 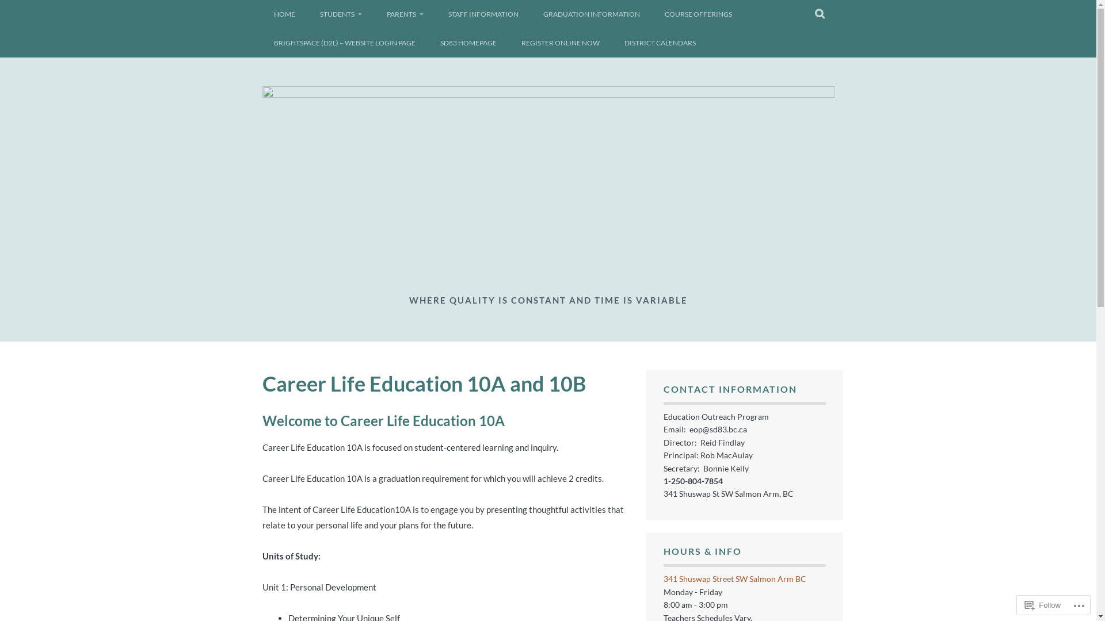 What do you see at coordinates (660, 42) in the screenshot?
I see `'DISTRICT CALENDARS'` at bounding box center [660, 42].